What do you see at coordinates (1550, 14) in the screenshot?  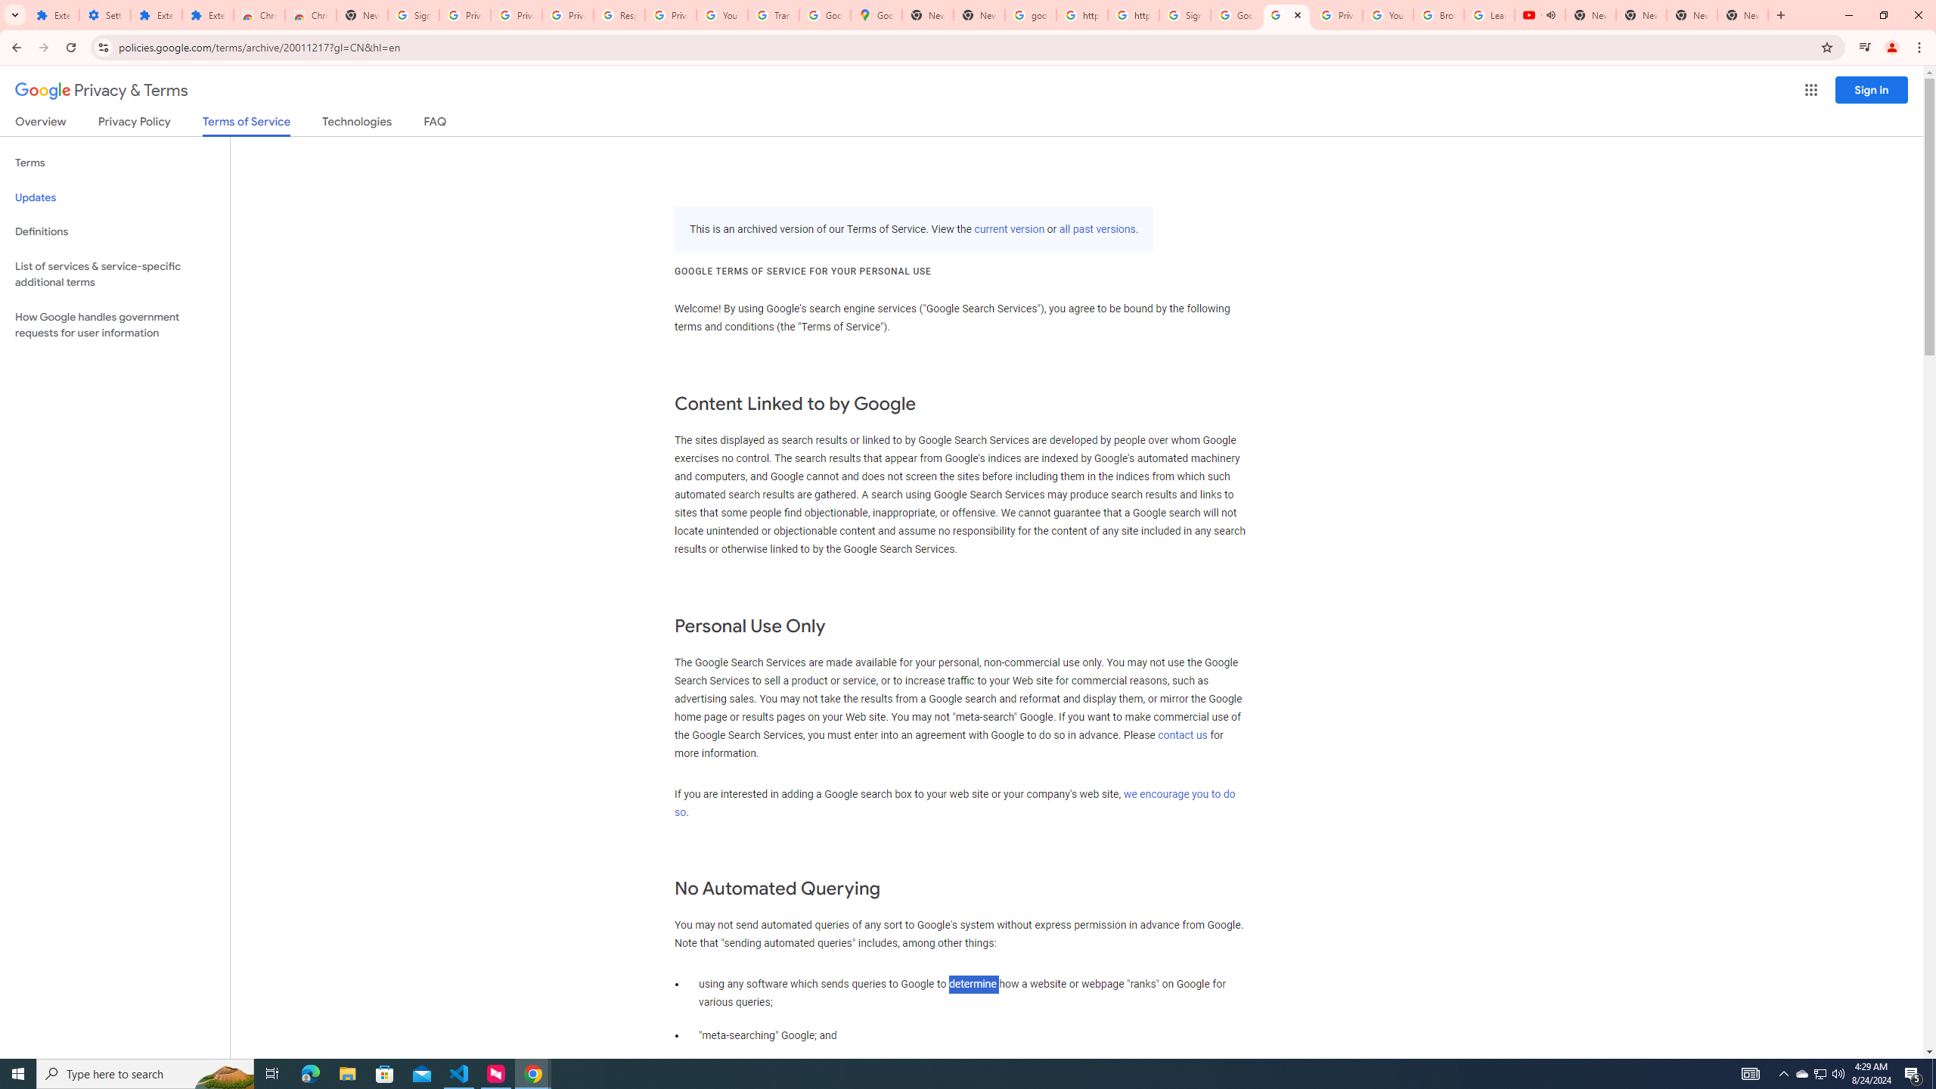 I see `'Mute tab'` at bounding box center [1550, 14].